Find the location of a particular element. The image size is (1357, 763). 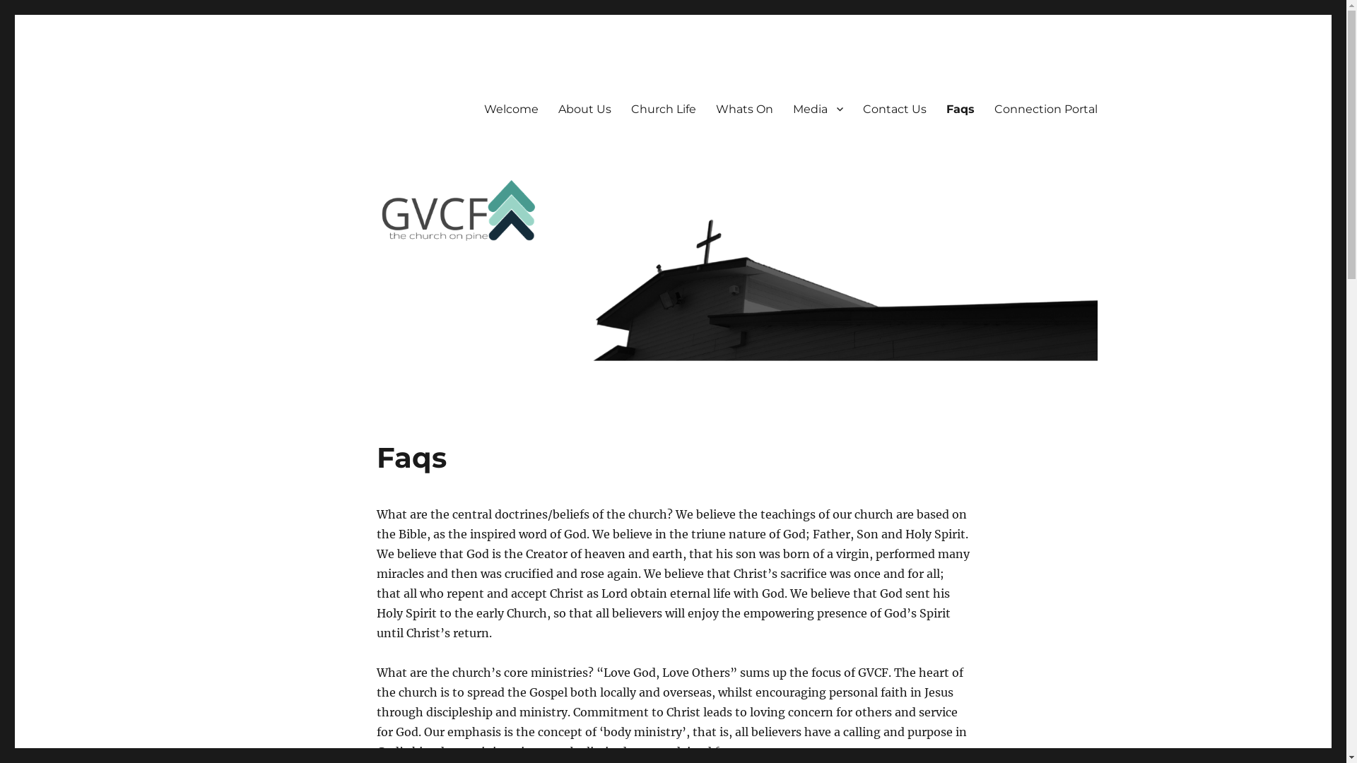

'Connection Portal' is located at coordinates (1045, 108).